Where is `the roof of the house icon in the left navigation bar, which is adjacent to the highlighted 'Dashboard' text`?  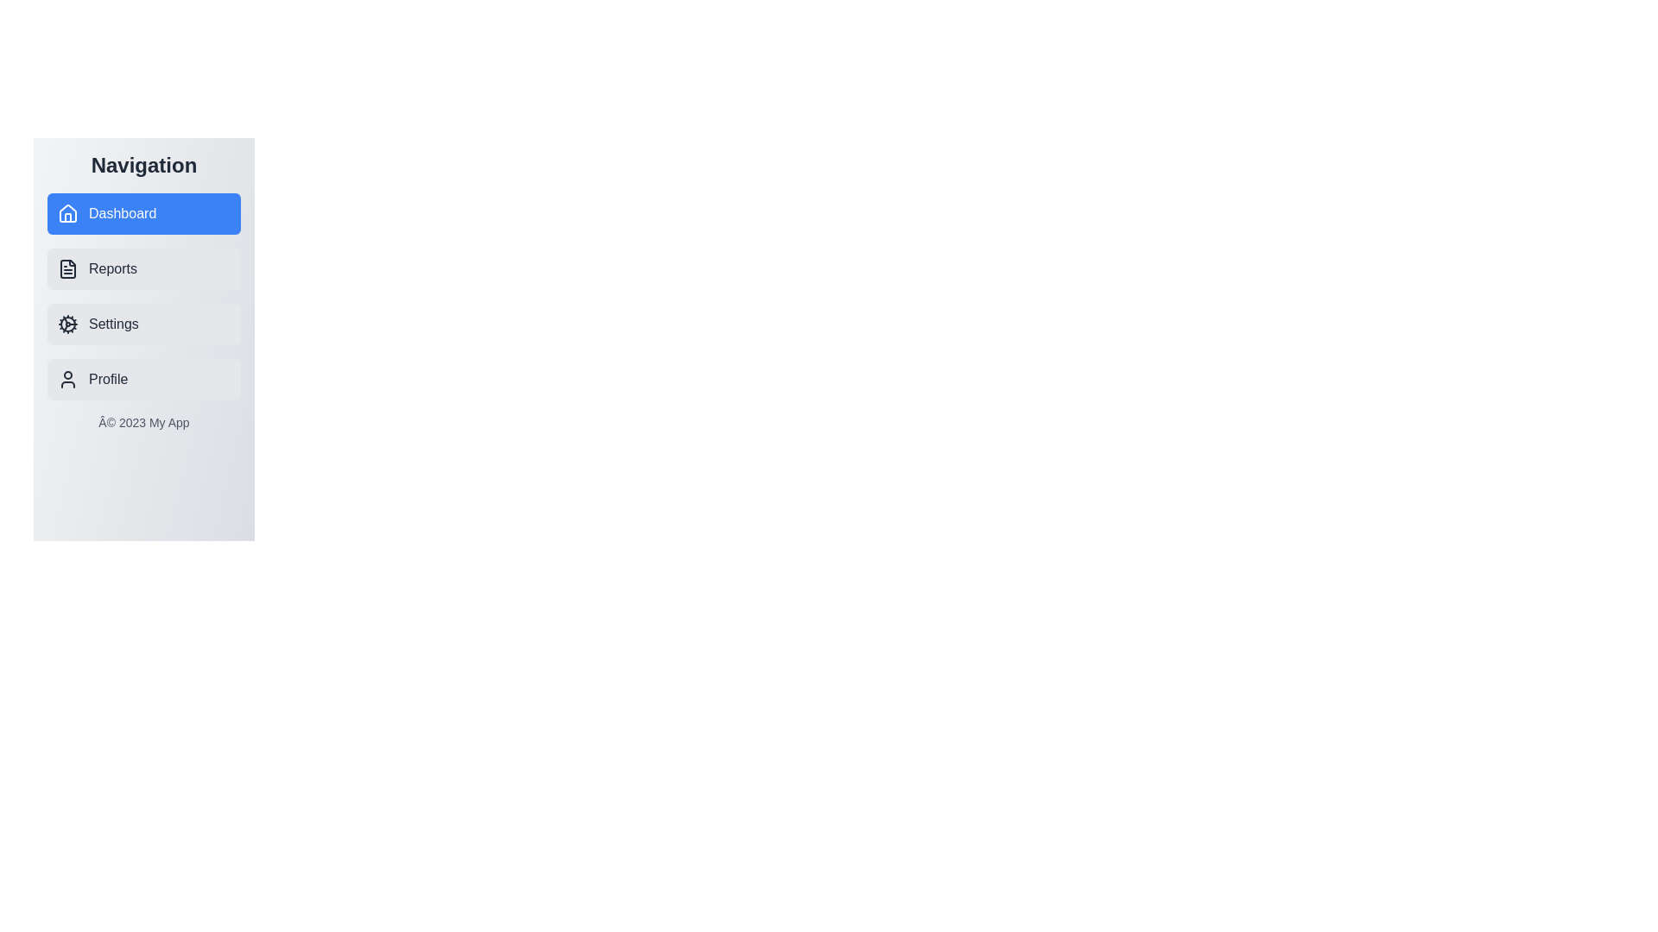 the roof of the house icon in the left navigation bar, which is adjacent to the highlighted 'Dashboard' text is located at coordinates (67, 211).